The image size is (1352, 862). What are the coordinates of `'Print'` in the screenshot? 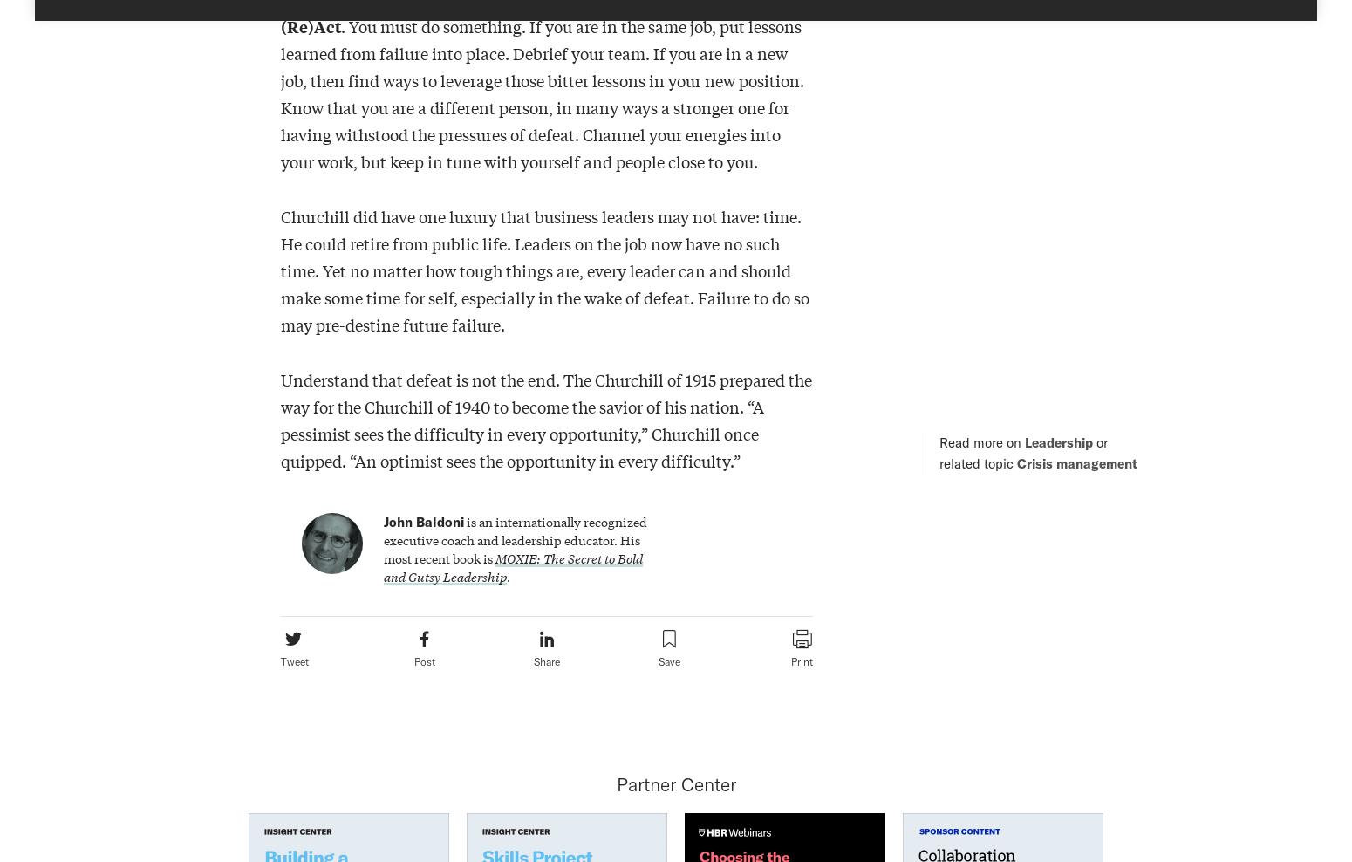 It's located at (801, 660).